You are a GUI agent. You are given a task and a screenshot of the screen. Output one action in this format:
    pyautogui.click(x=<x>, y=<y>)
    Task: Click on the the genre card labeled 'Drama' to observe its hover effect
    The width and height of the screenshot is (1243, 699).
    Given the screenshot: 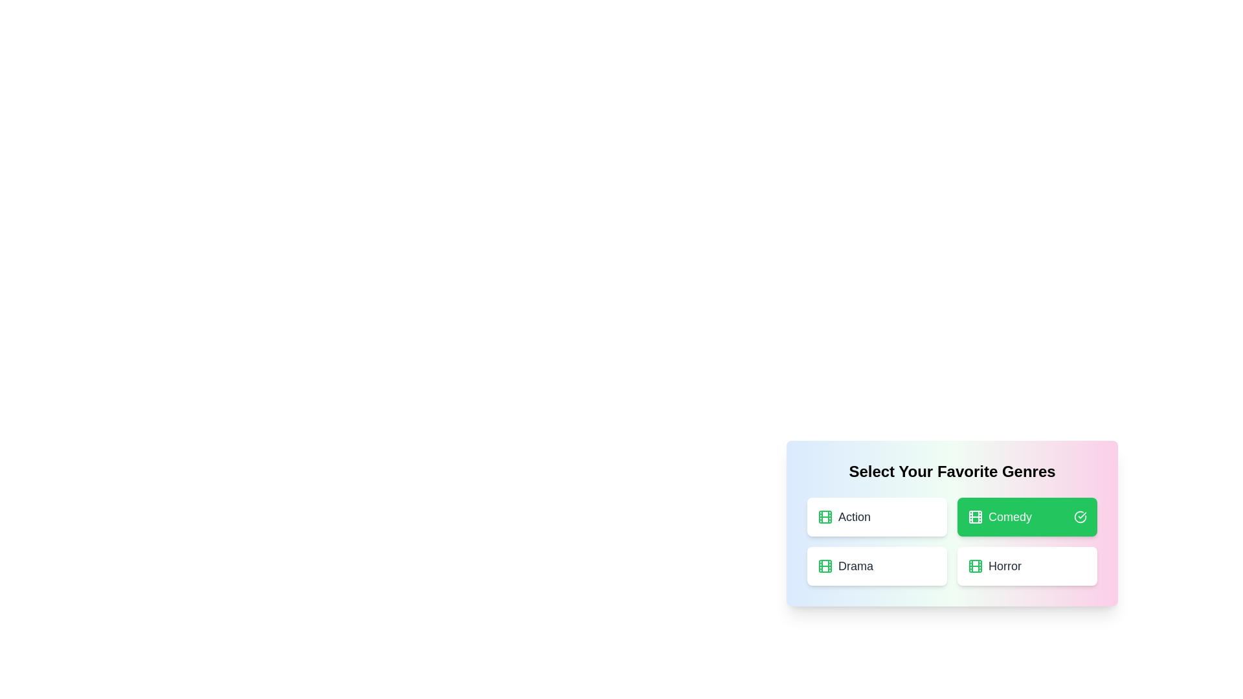 What is the action you would take?
    pyautogui.click(x=877, y=566)
    